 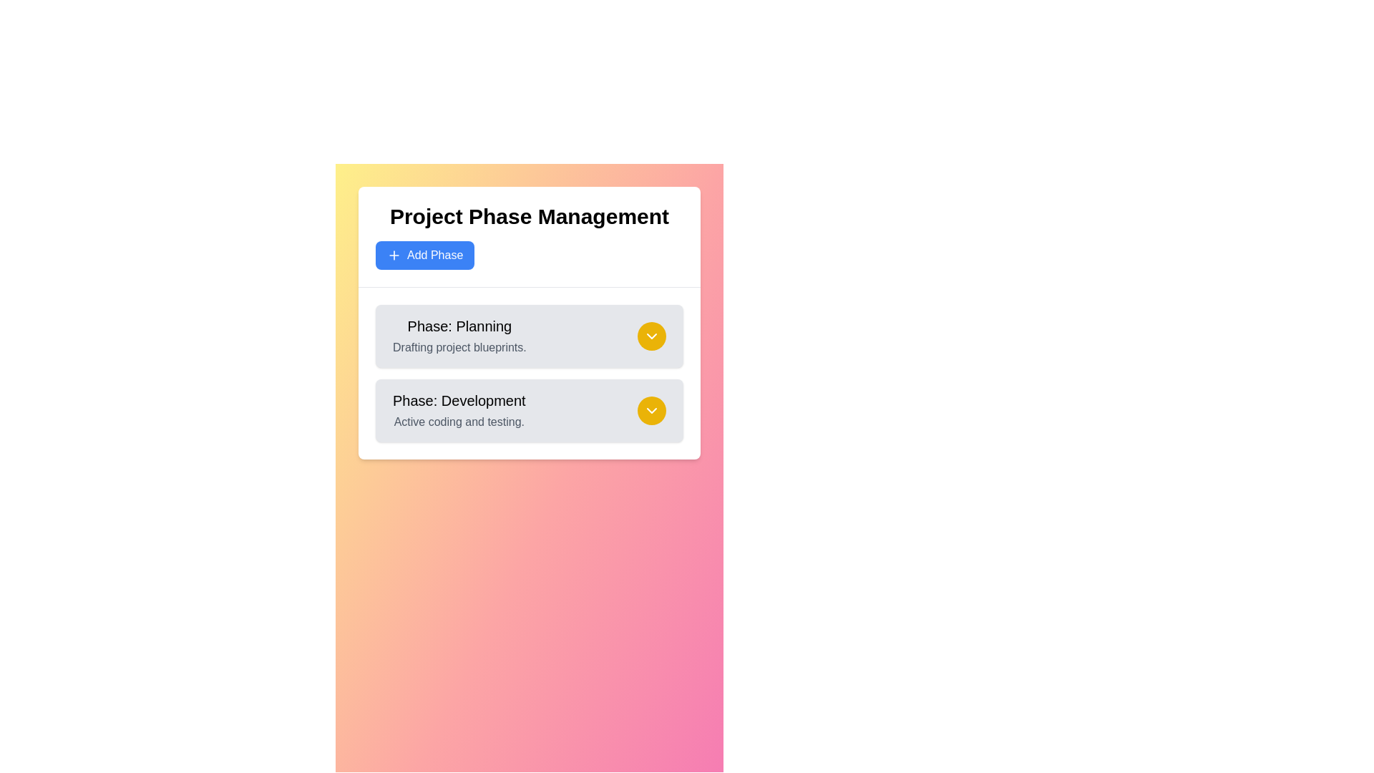 I want to click on the yellow circular button with a downward-facing chevron icon, located to the far right of the 'Phase: Planning' item, so click(x=651, y=336).